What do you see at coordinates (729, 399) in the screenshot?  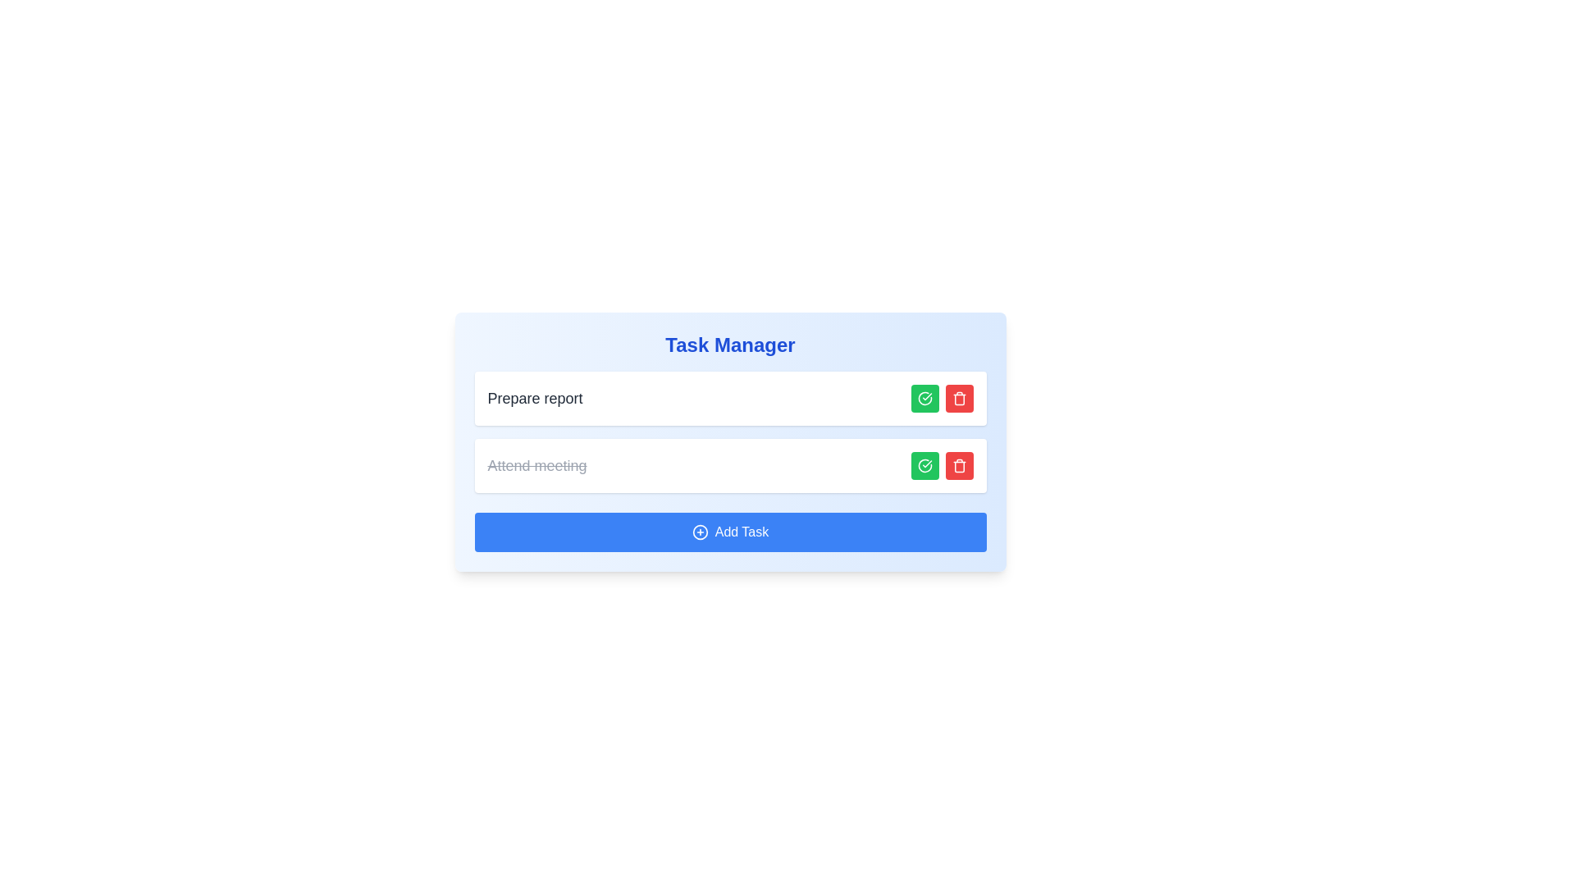 I see `the task item in the task manager interface` at bounding box center [729, 399].